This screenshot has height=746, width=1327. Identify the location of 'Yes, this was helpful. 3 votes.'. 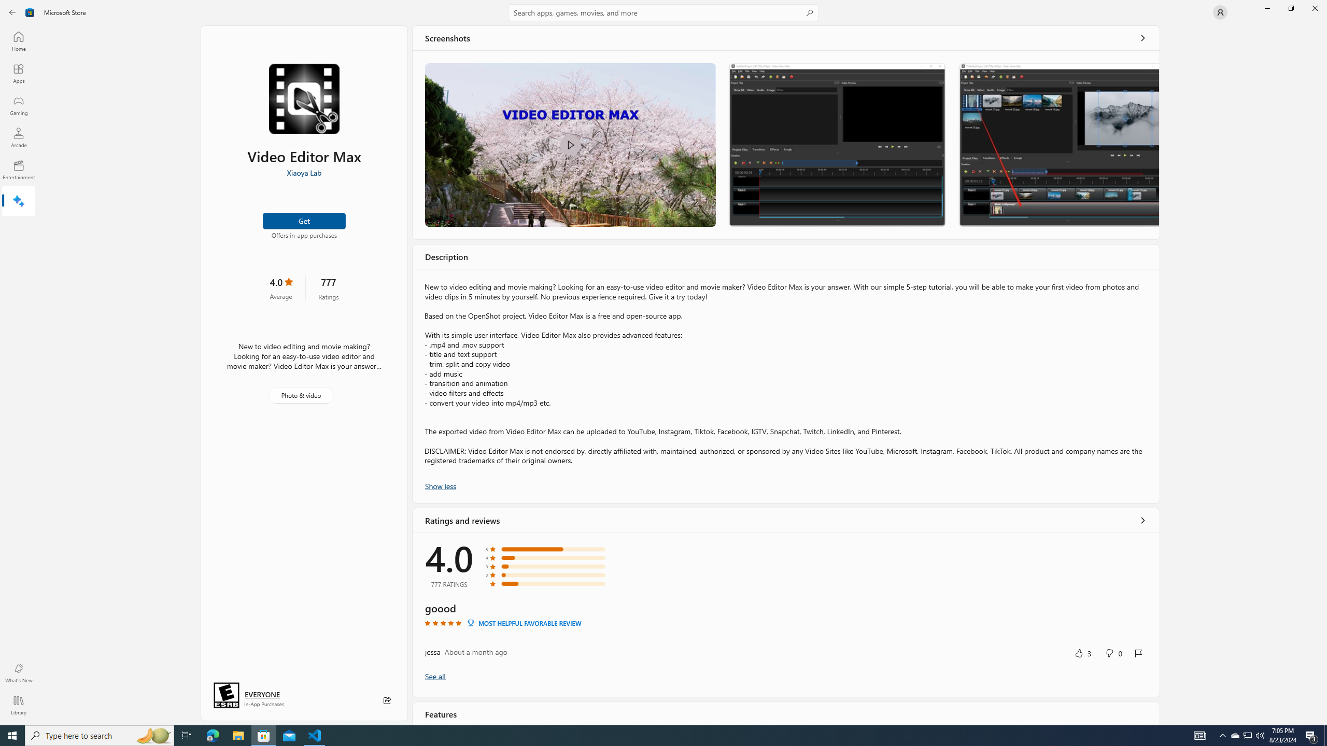
(1082, 653).